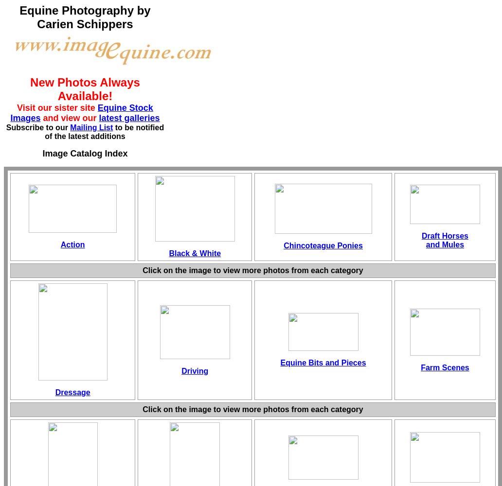 The height and width of the screenshot is (486, 502). I want to click on 'Image Catalog Index', so click(84, 153).